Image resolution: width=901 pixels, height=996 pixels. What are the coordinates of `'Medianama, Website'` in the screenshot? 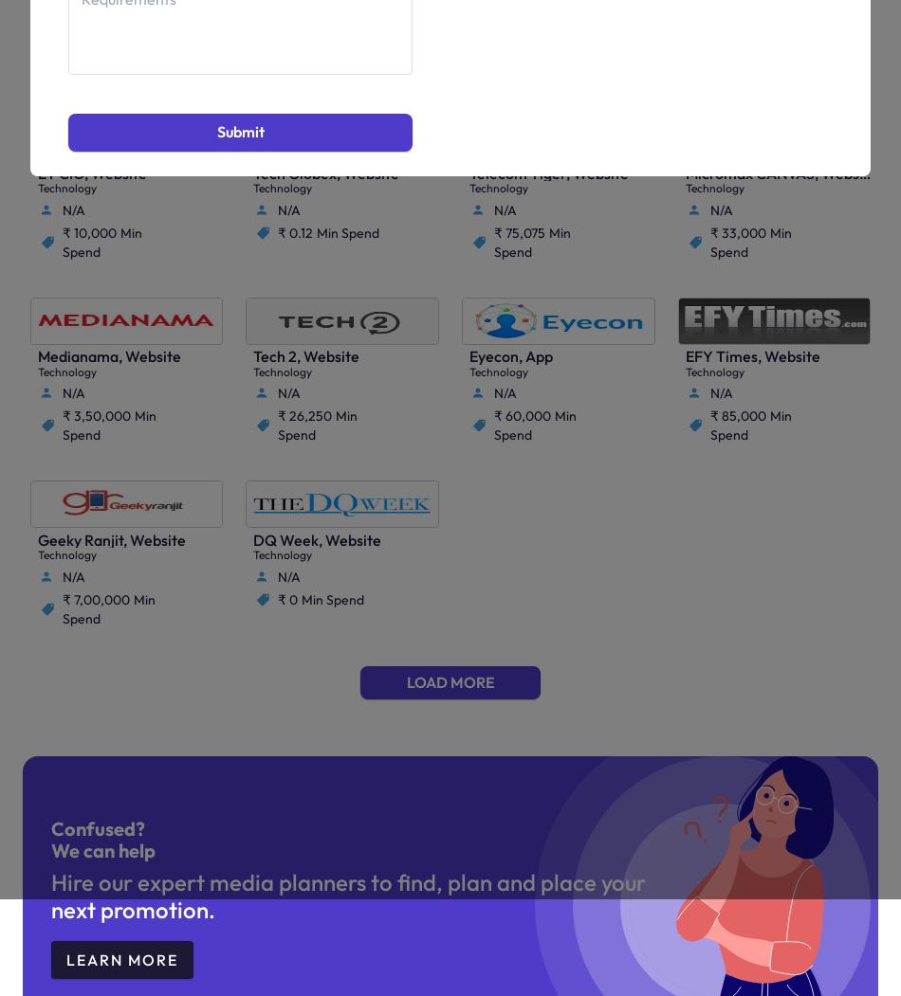 It's located at (37, 355).